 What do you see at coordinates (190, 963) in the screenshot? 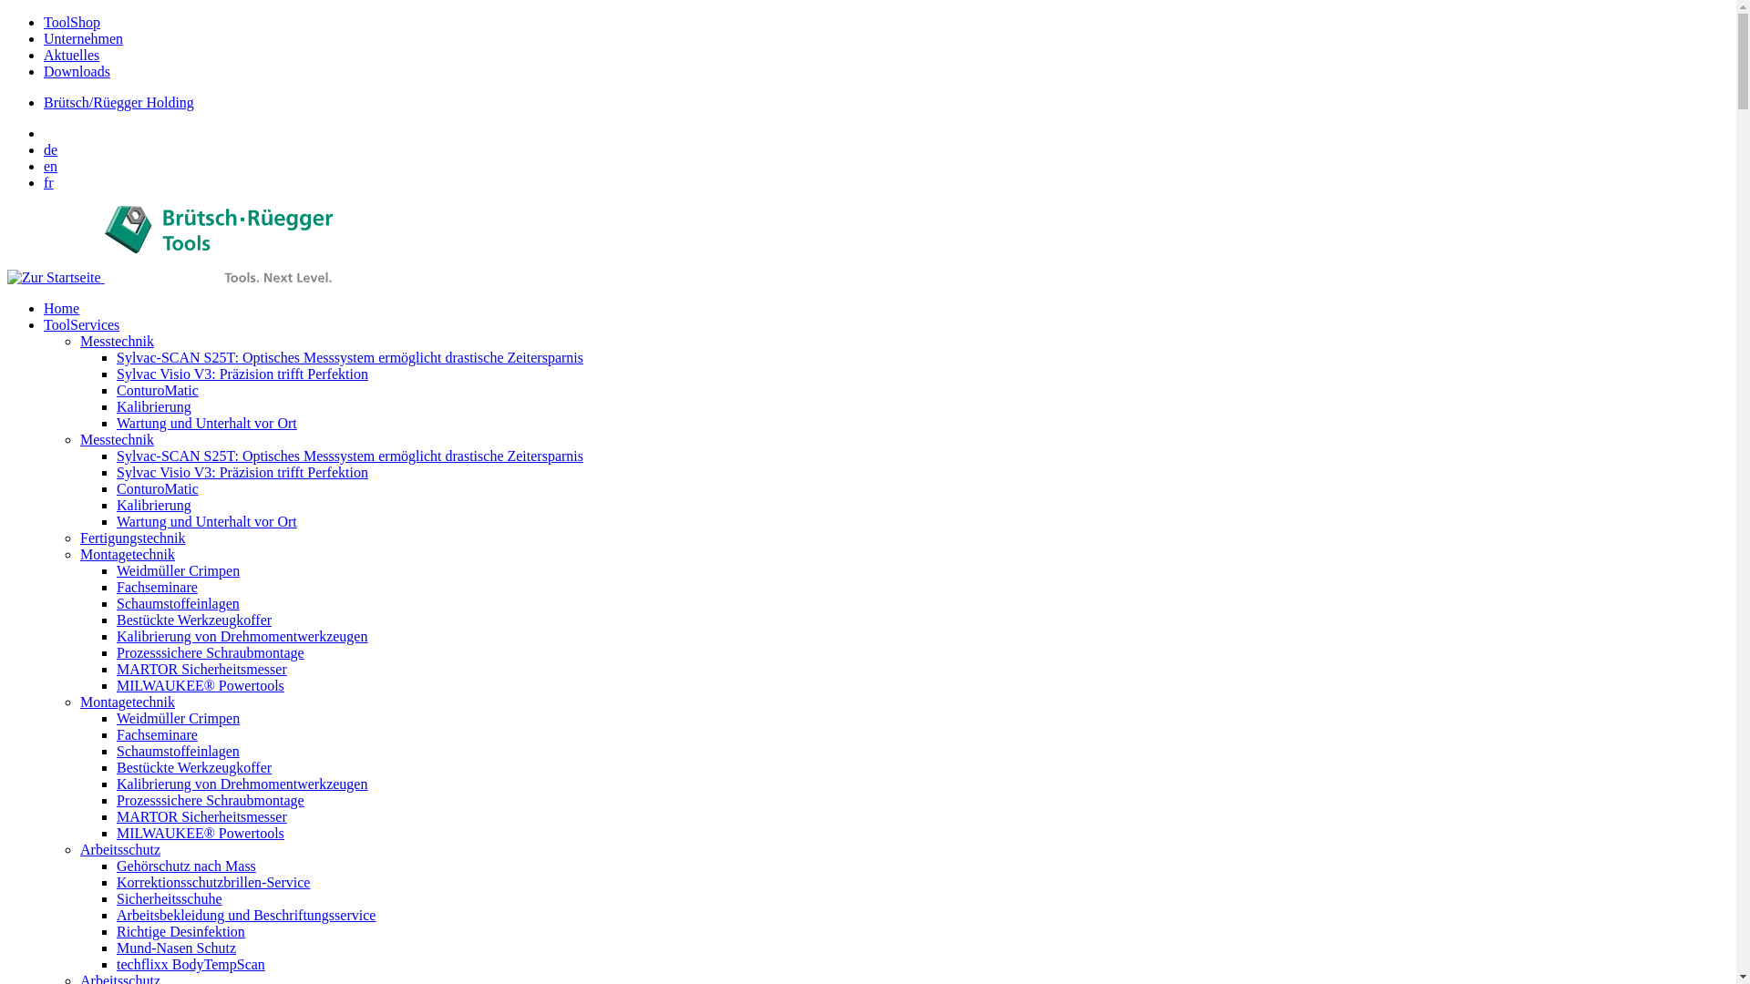
I see `'techflixx BodyTempScan'` at bounding box center [190, 963].